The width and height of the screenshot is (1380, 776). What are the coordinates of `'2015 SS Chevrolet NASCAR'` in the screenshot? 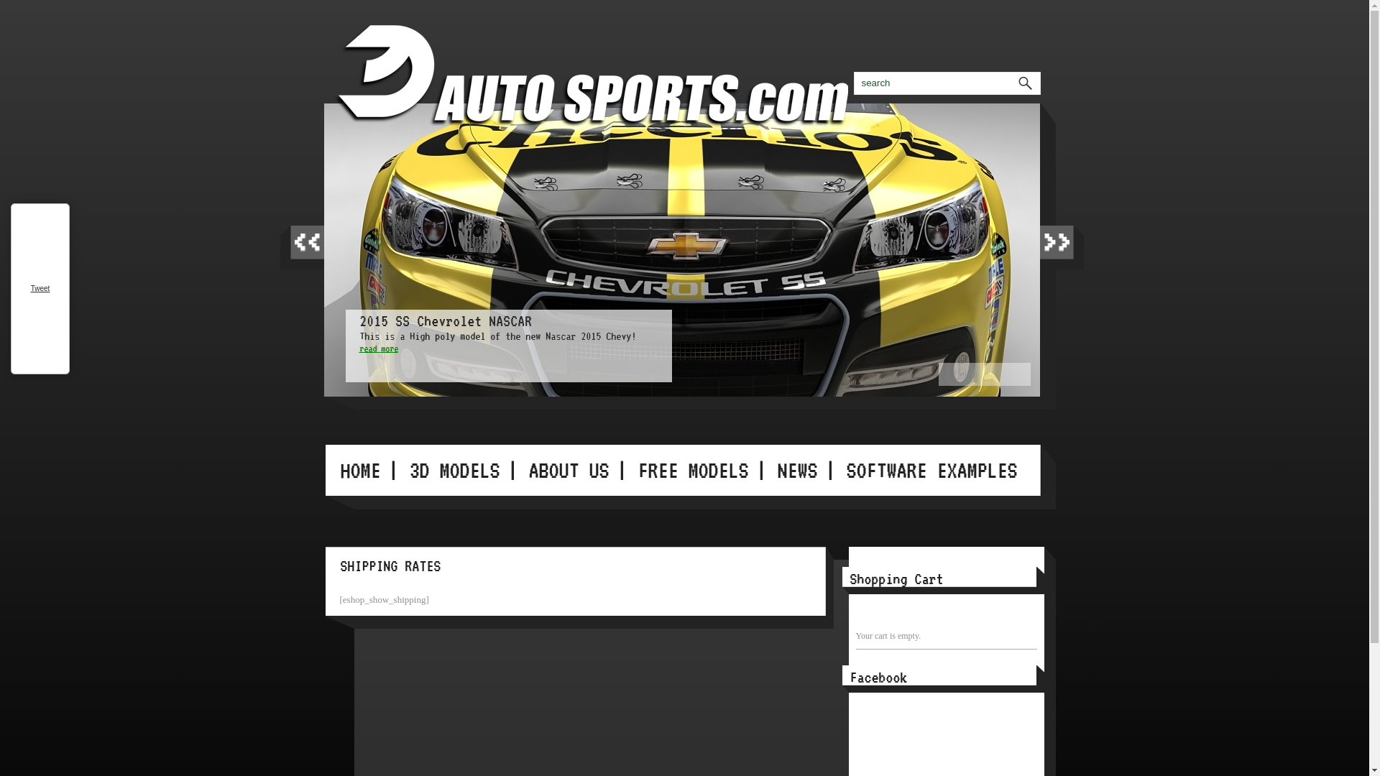 It's located at (444, 320).